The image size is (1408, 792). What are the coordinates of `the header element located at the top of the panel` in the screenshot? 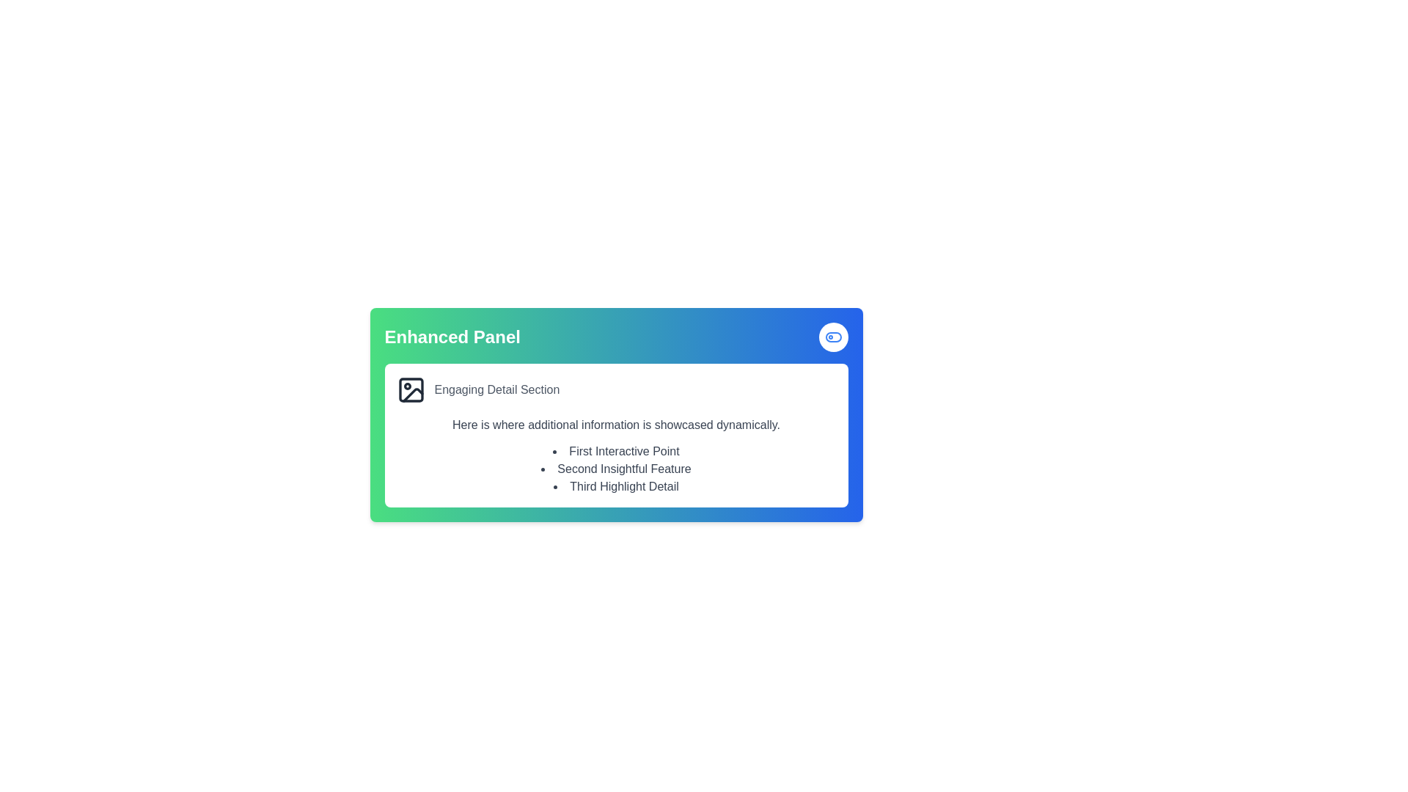 It's located at (616, 337).